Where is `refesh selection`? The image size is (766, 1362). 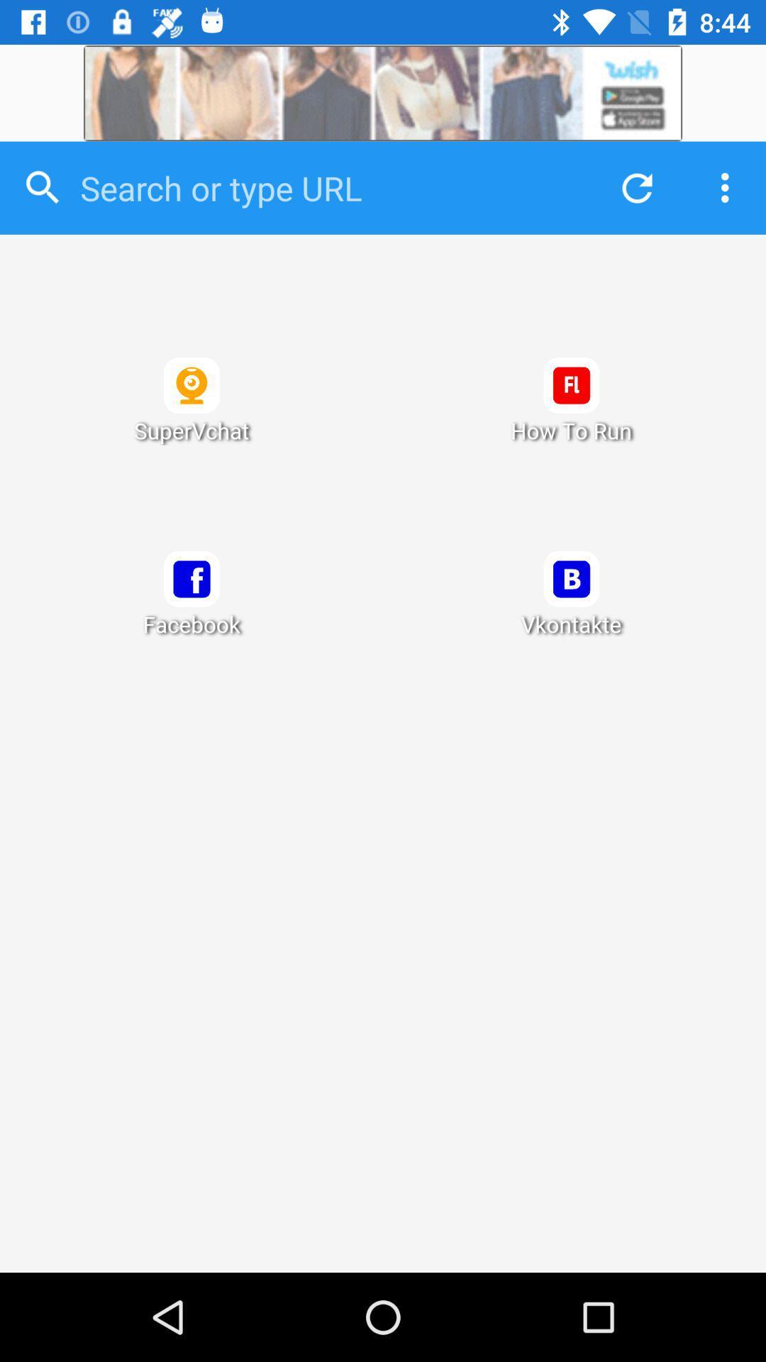 refesh selection is located at coordinates (633, 187).